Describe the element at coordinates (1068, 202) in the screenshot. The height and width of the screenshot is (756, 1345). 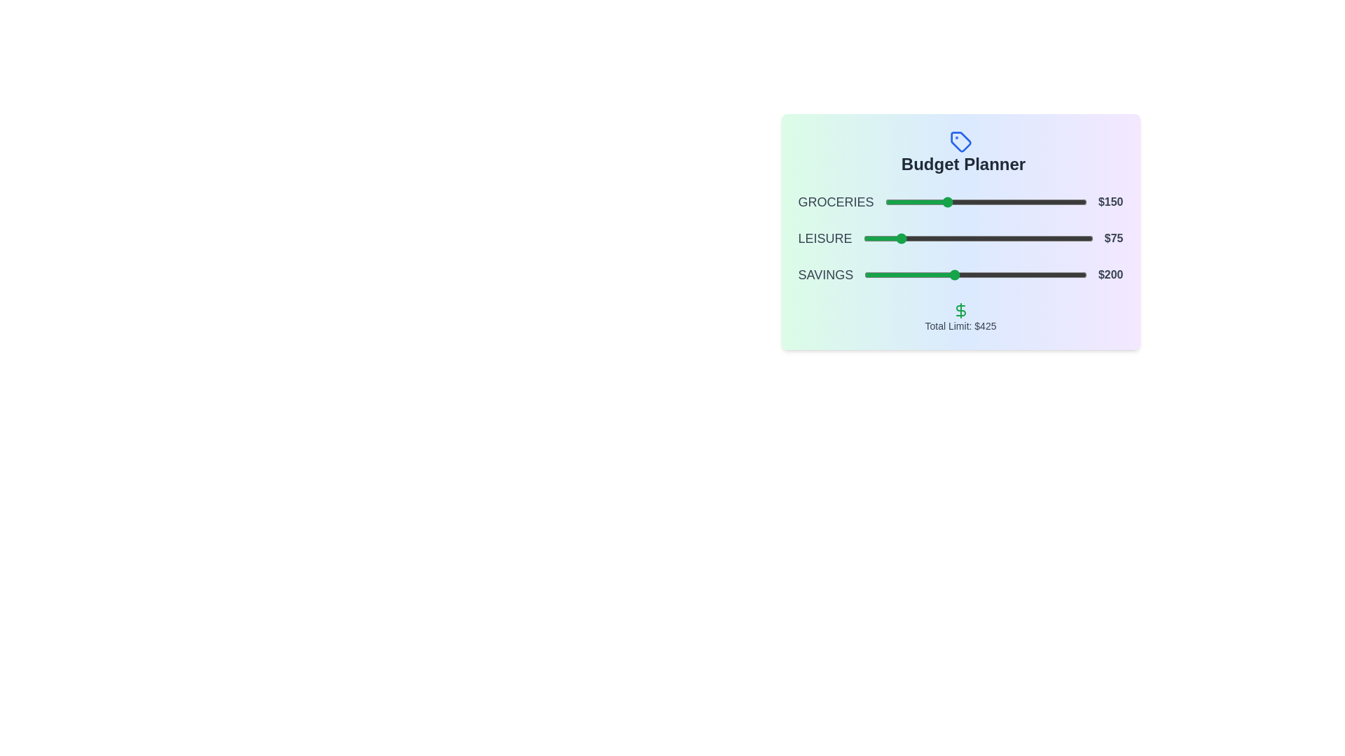
I see `the slider for 0 to 454` at that location.